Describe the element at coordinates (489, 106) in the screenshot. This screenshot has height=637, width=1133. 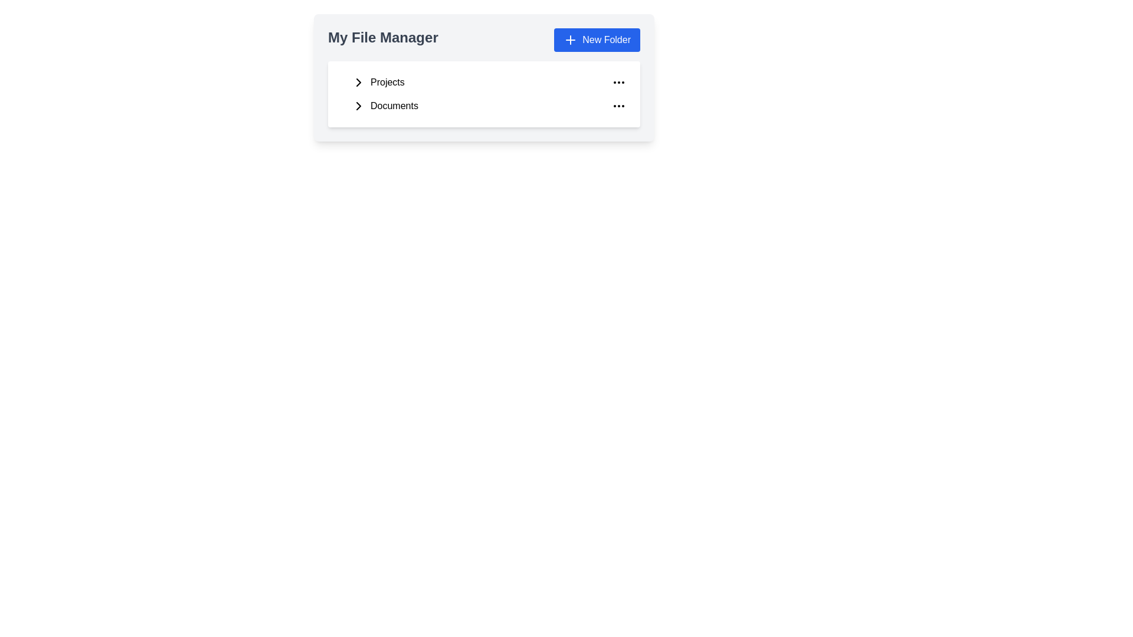
I see `the 'Documents' folder entry` at that location.